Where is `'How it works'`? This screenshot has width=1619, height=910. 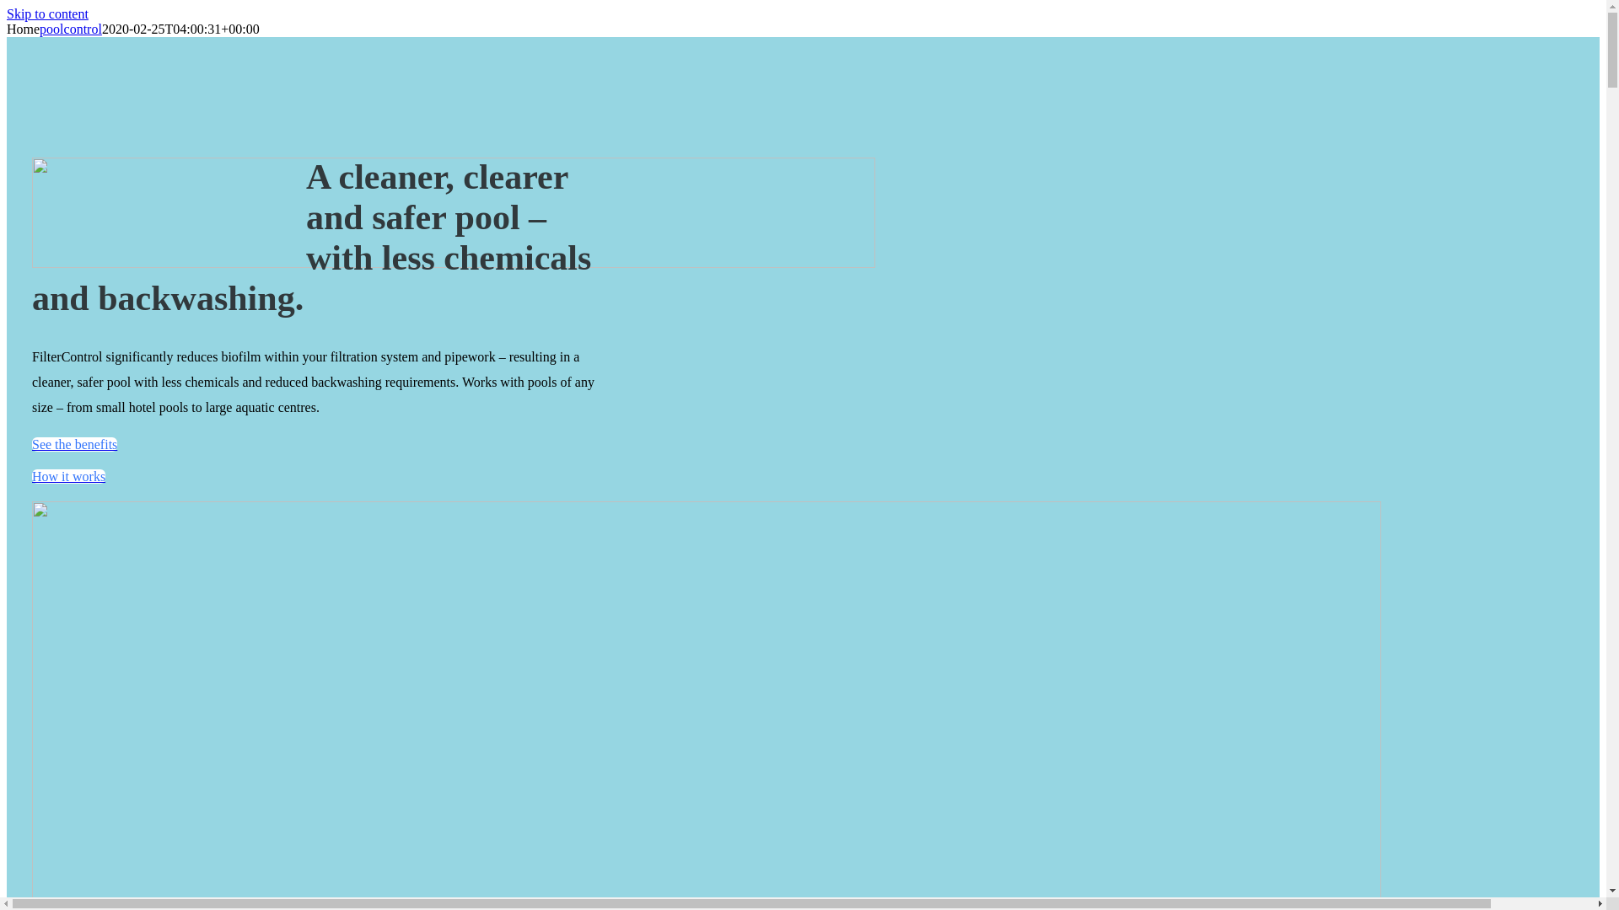 'How it works' is located at coordinates (32, 476).